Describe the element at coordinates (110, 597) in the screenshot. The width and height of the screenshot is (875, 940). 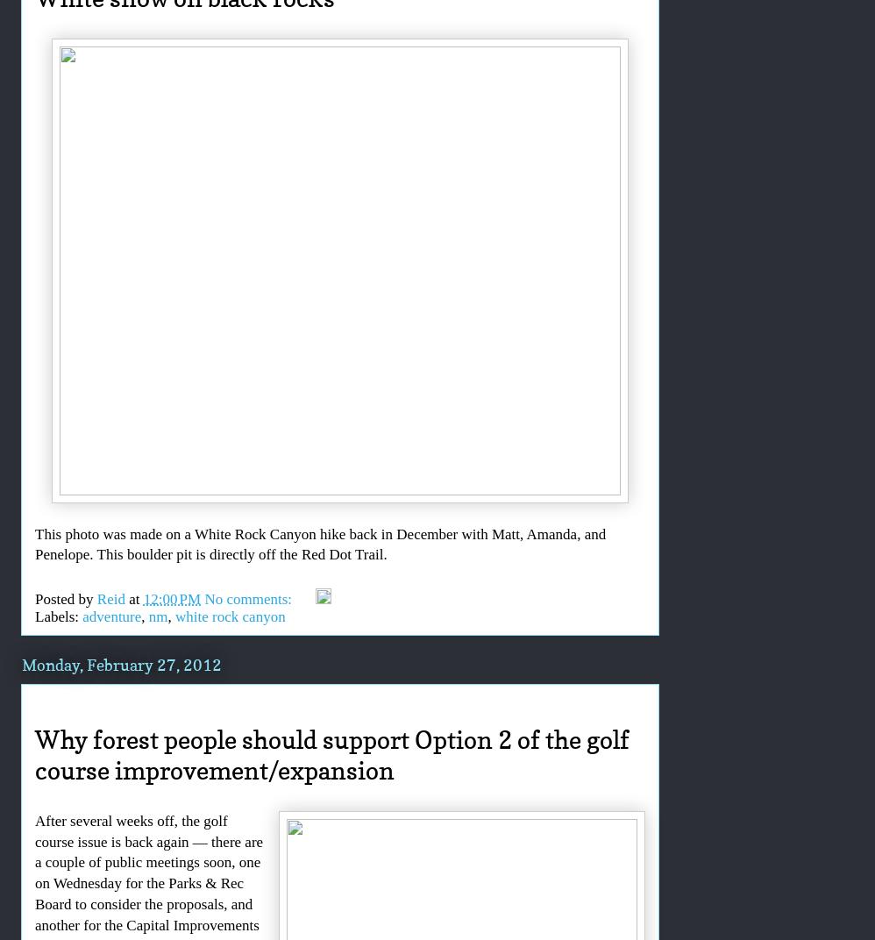
I see `'Reid'` at that location.